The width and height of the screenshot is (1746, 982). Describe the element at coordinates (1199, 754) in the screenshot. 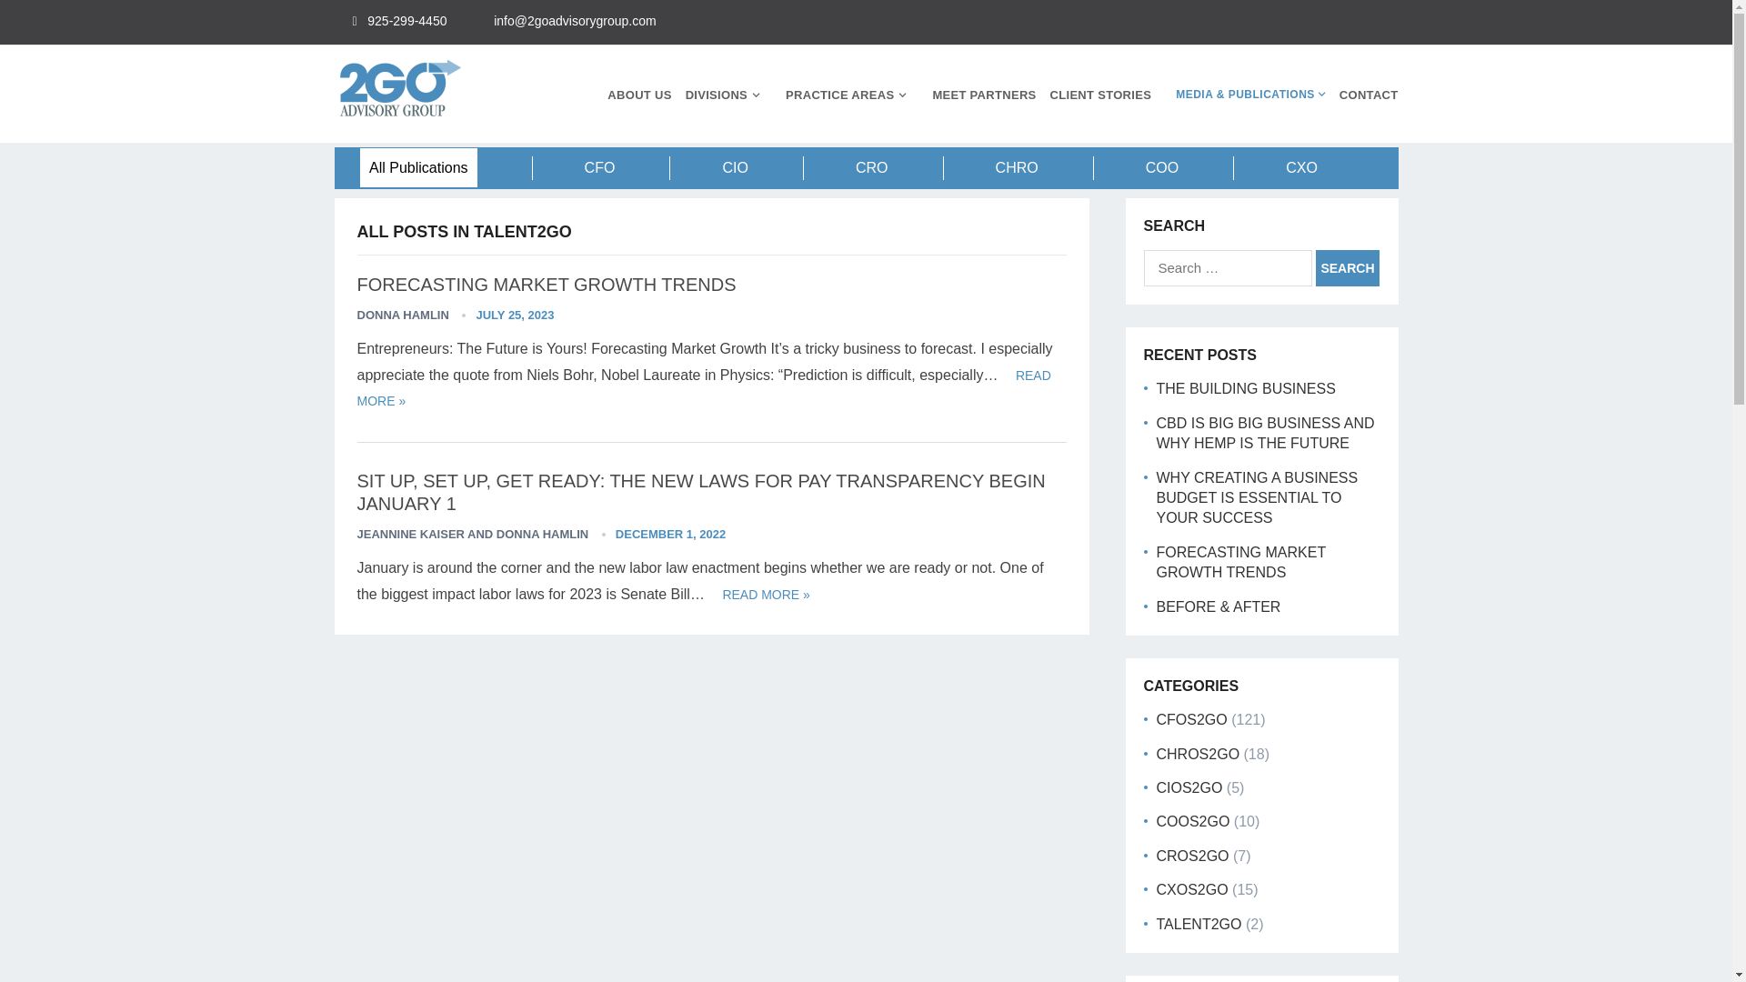

I see `'CHROS2GO'` at that location.